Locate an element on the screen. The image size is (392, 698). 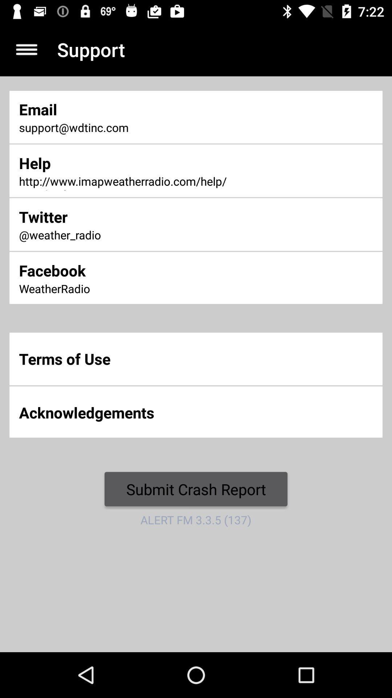
the item above email icon is located at coordinates (26, 49).